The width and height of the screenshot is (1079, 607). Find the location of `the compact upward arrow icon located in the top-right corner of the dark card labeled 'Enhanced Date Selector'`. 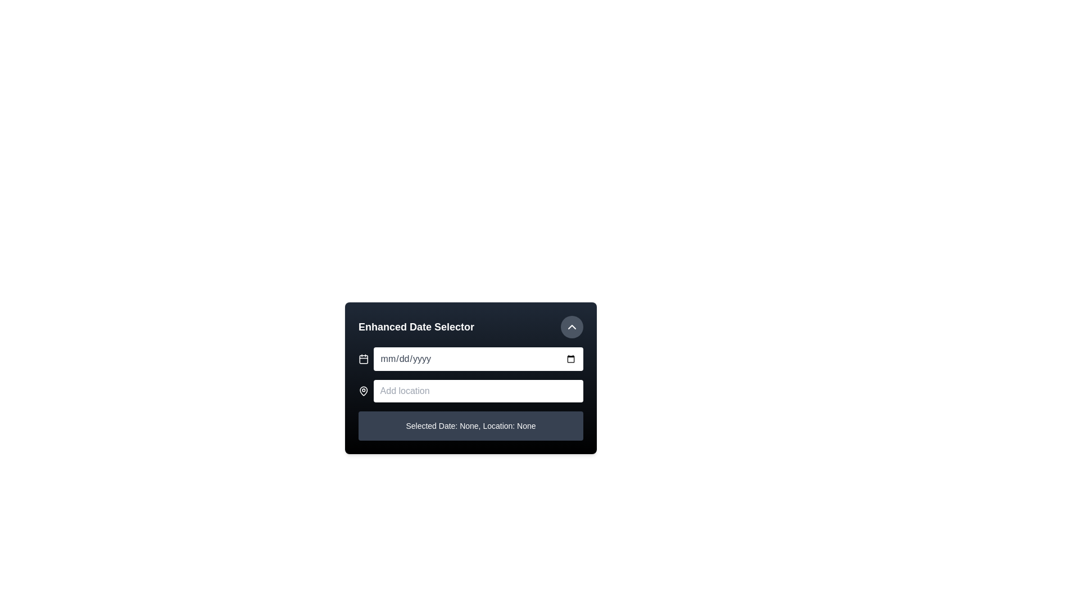

the compact upward arrow icon located in the top-right corner of the dark card labeled 'Enhanced Date Selector' is located at coordinates (572, 327).